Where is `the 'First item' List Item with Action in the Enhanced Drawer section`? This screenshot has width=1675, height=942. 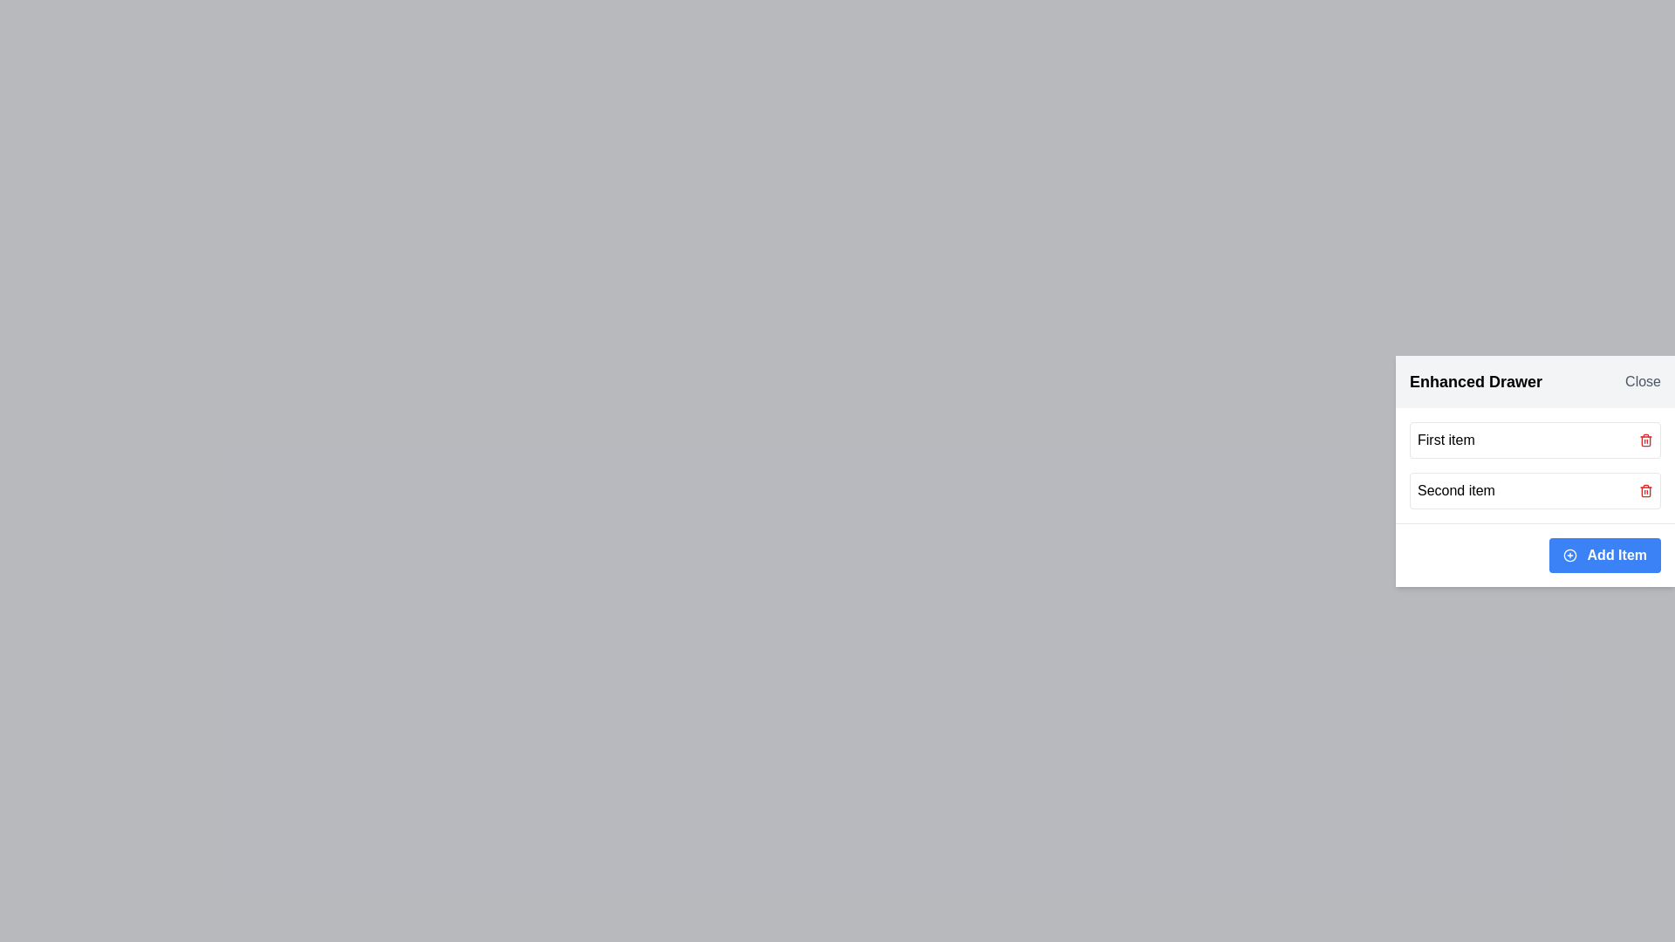
the 'First item' List Item with Action in the Enhanced Drawer section is located at coordinates (1535, 439).